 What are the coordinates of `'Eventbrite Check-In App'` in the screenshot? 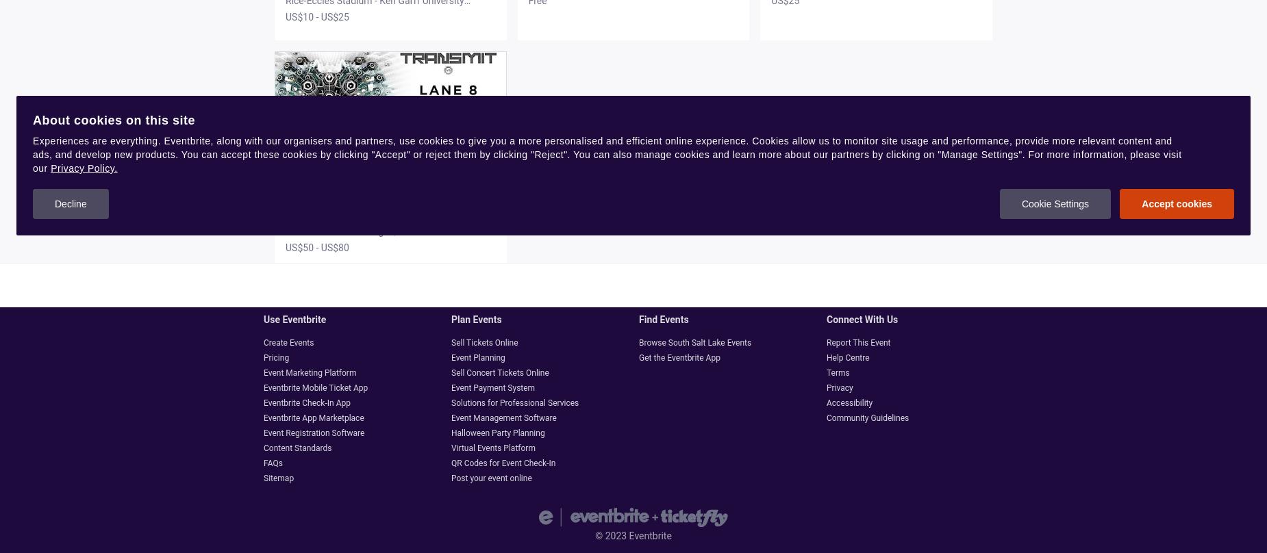 It's located at (306, 402).